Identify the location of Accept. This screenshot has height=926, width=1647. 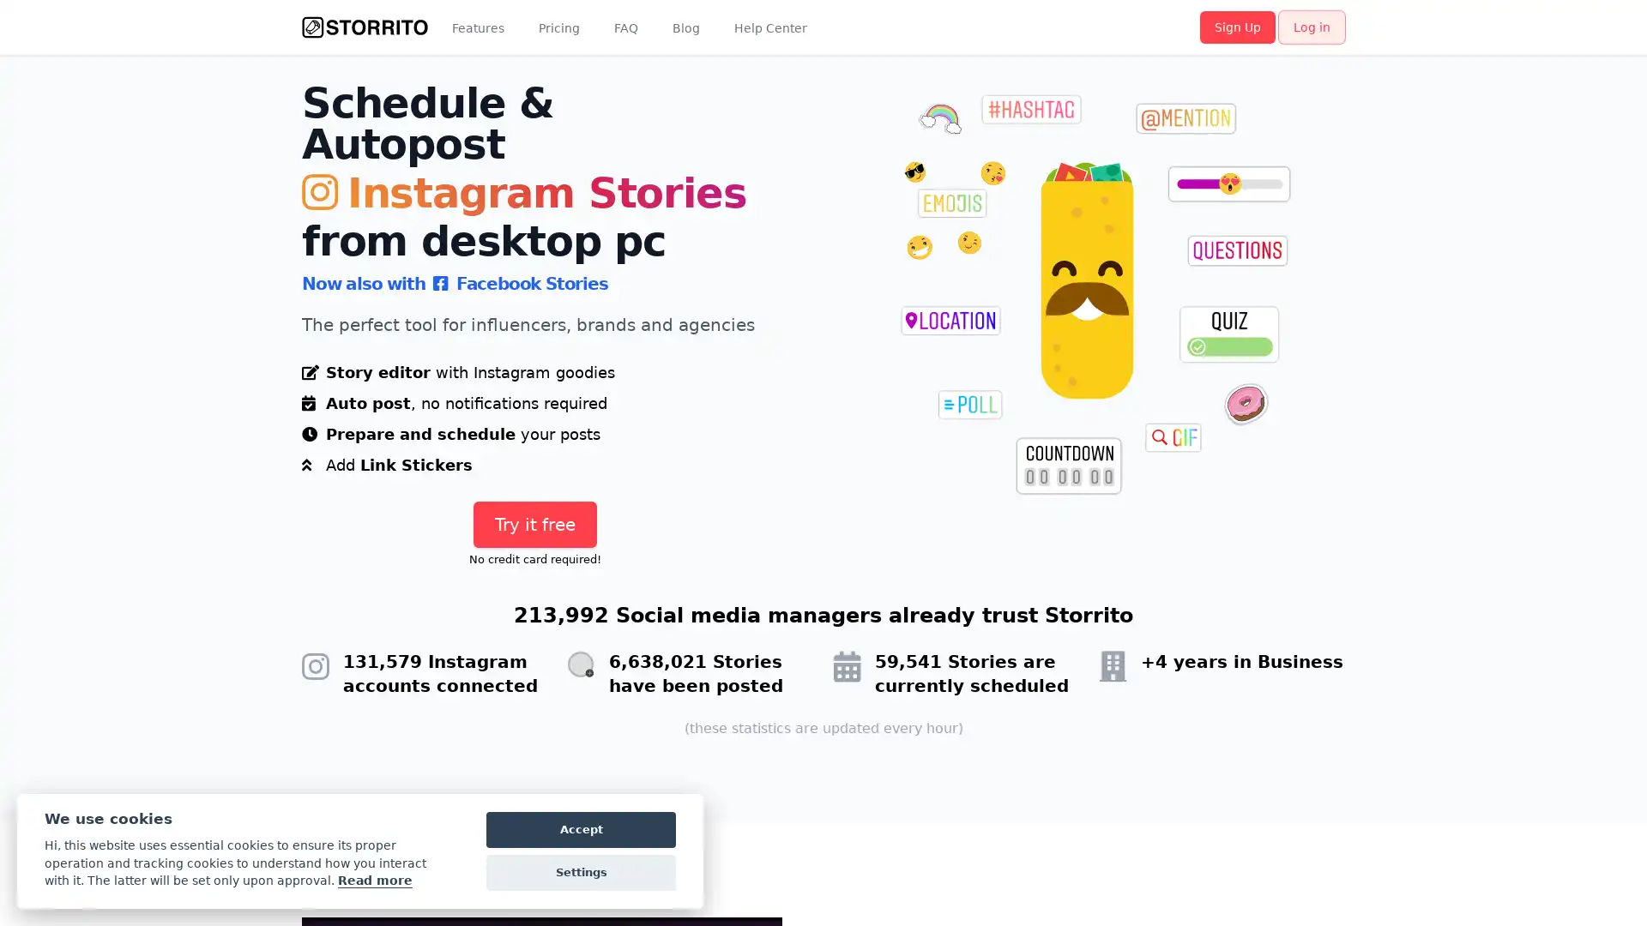
(581, 829).